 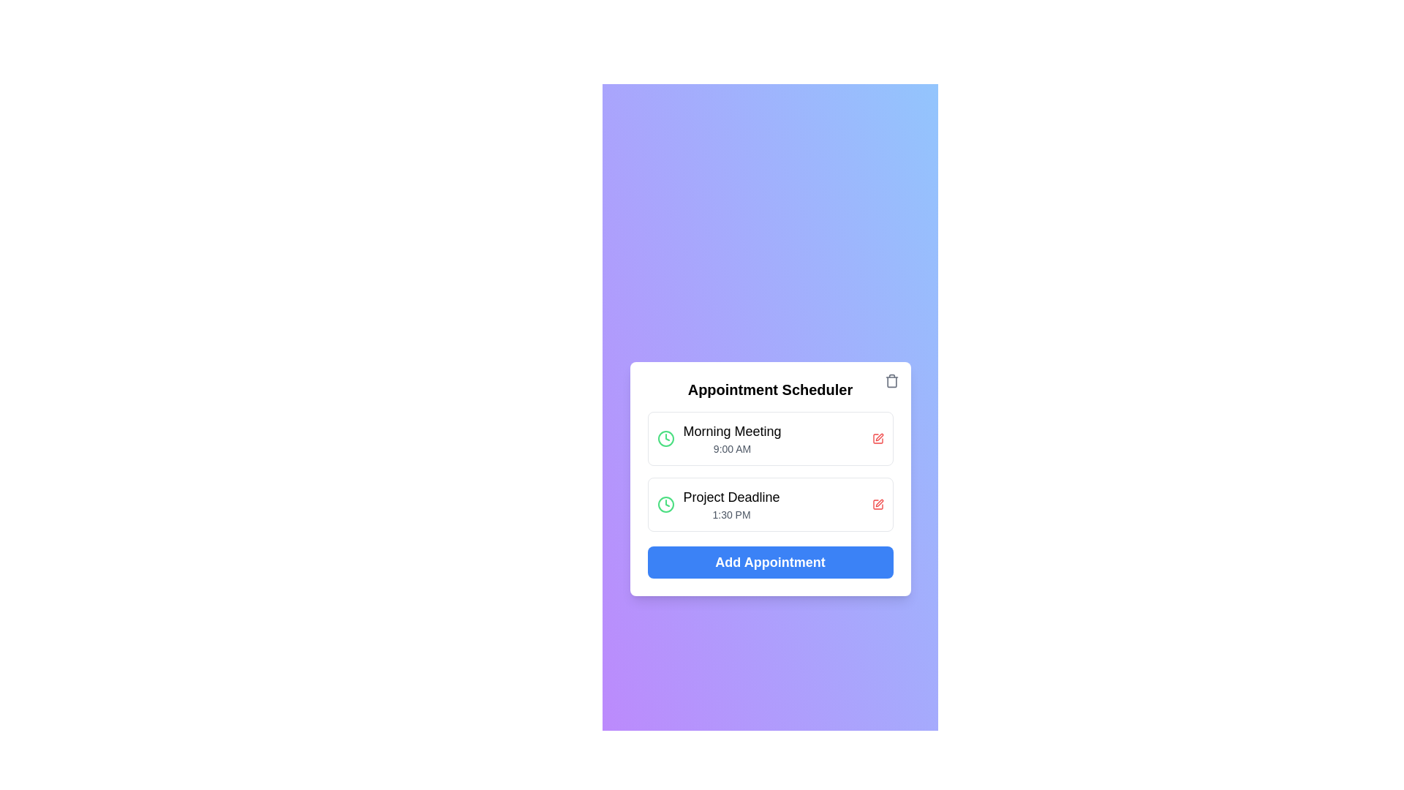 What do you see at coordinates (732, 438) in the screenshot?
I see `the 'Morning Meeting' text label, which is part of the first appointment card in the Appointment Scheduler, to use it as a reference for interacting with adjacent elements` at bounding box center [732, 438].